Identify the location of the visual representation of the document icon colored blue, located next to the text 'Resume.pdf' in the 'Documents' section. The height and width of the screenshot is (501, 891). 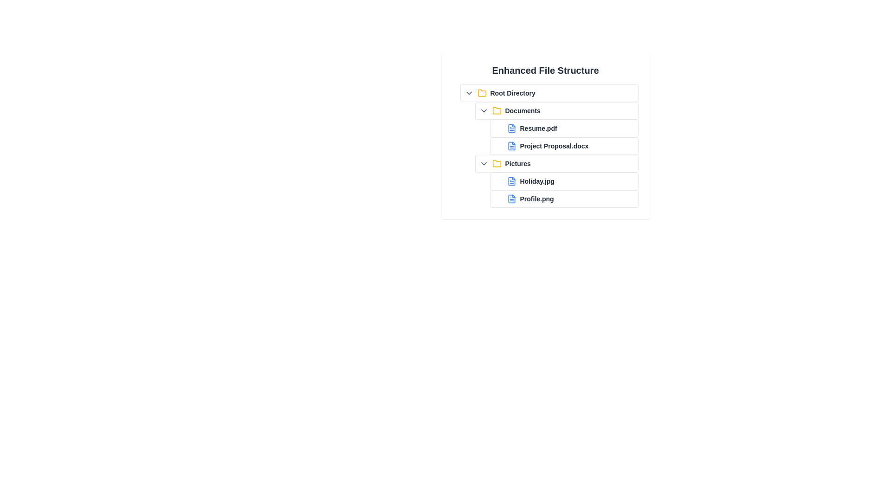
(511, 128).